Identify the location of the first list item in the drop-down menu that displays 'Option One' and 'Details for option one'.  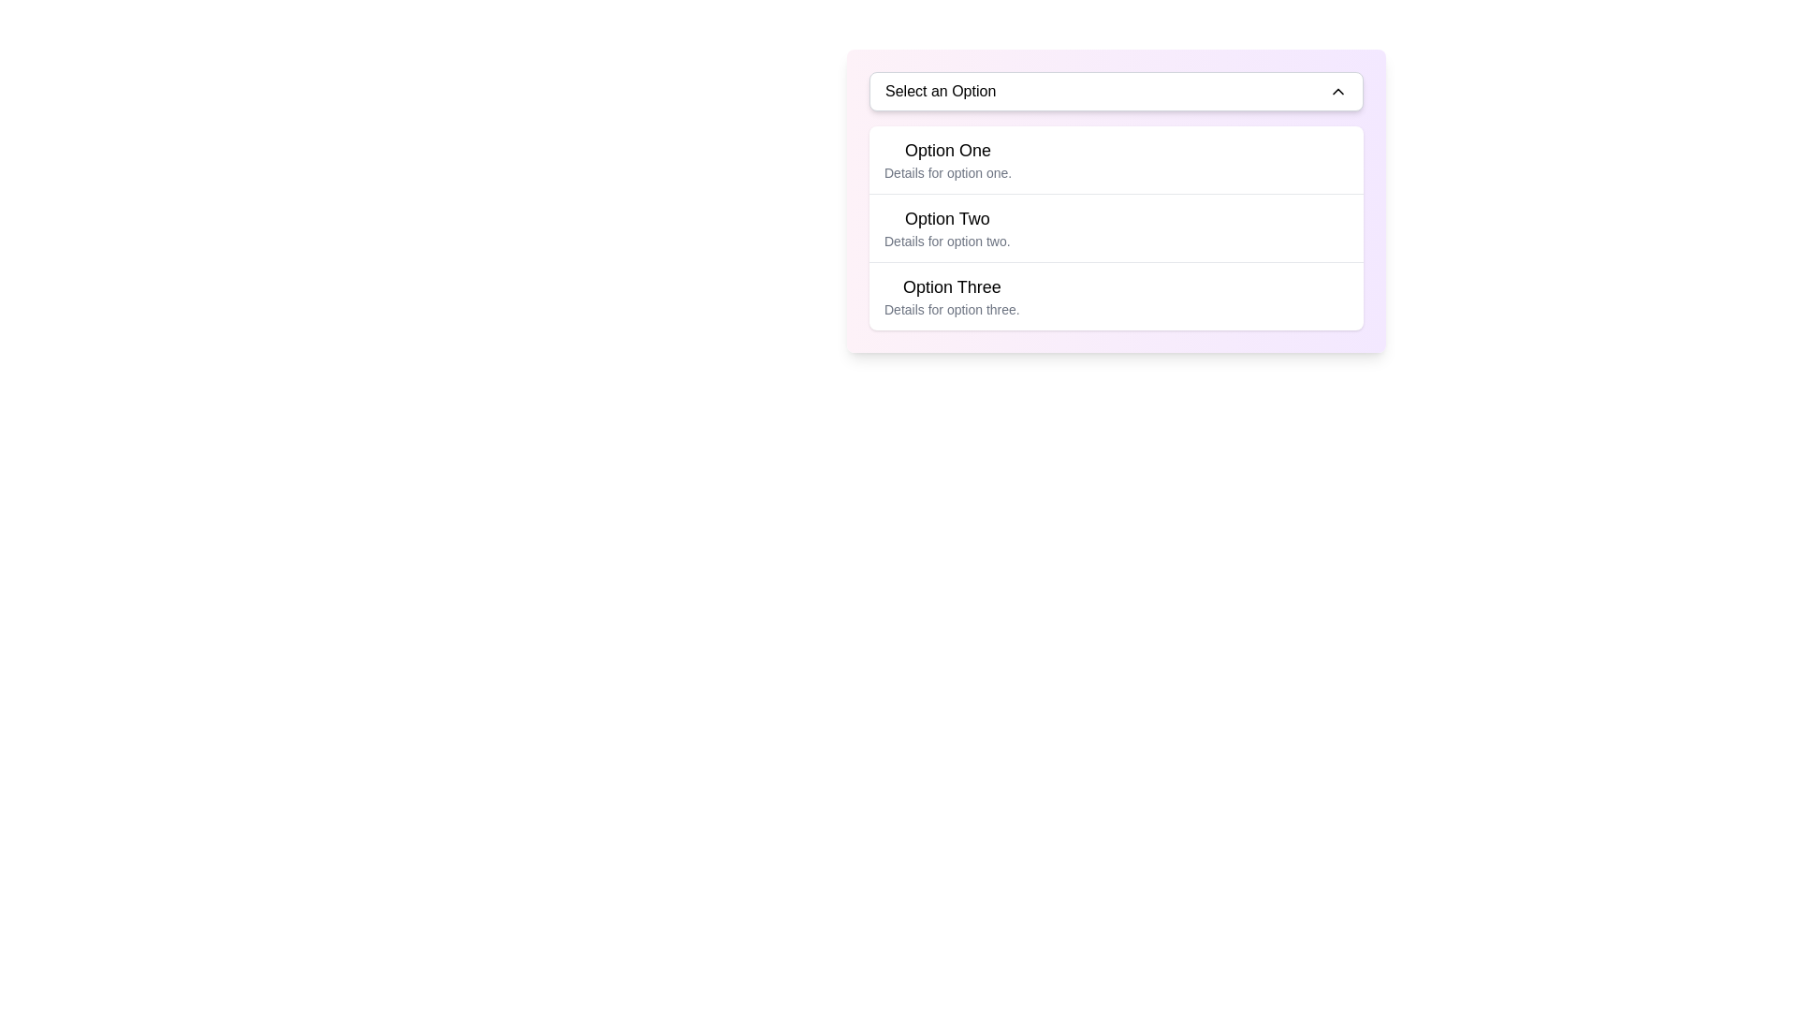
(1117, 158).